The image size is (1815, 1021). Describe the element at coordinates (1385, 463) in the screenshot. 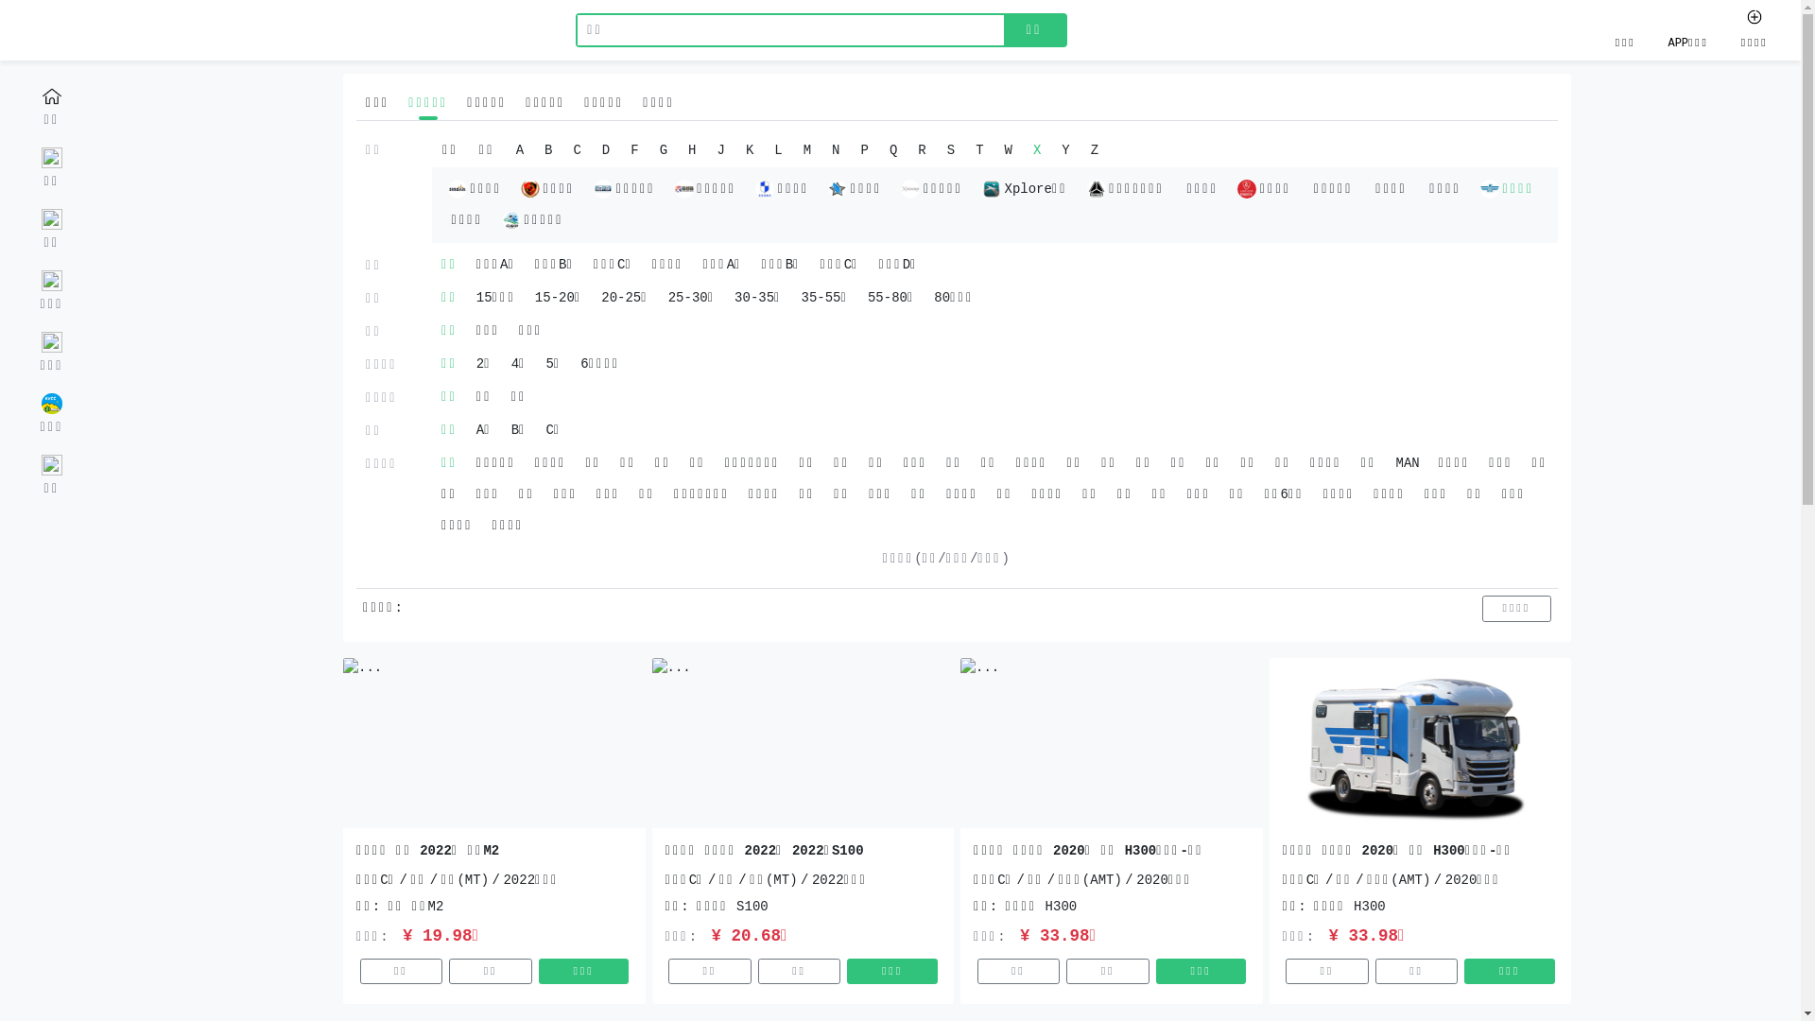

I see `'MAN'` at that location.